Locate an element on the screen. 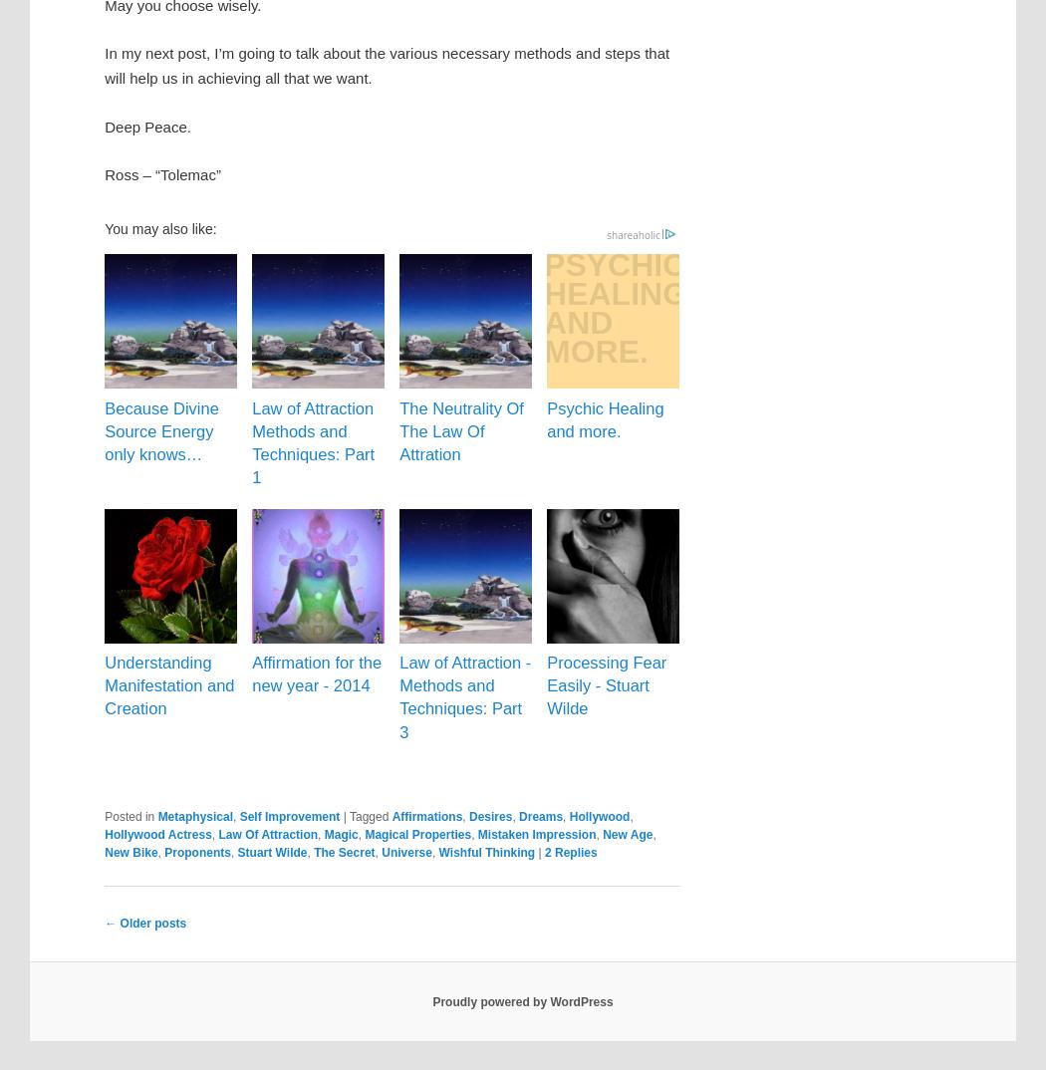 The width and height of the screenshot is (1046, 1070). 'Because Divine Source Energy only knows…' is located at coordinates (161, 428).